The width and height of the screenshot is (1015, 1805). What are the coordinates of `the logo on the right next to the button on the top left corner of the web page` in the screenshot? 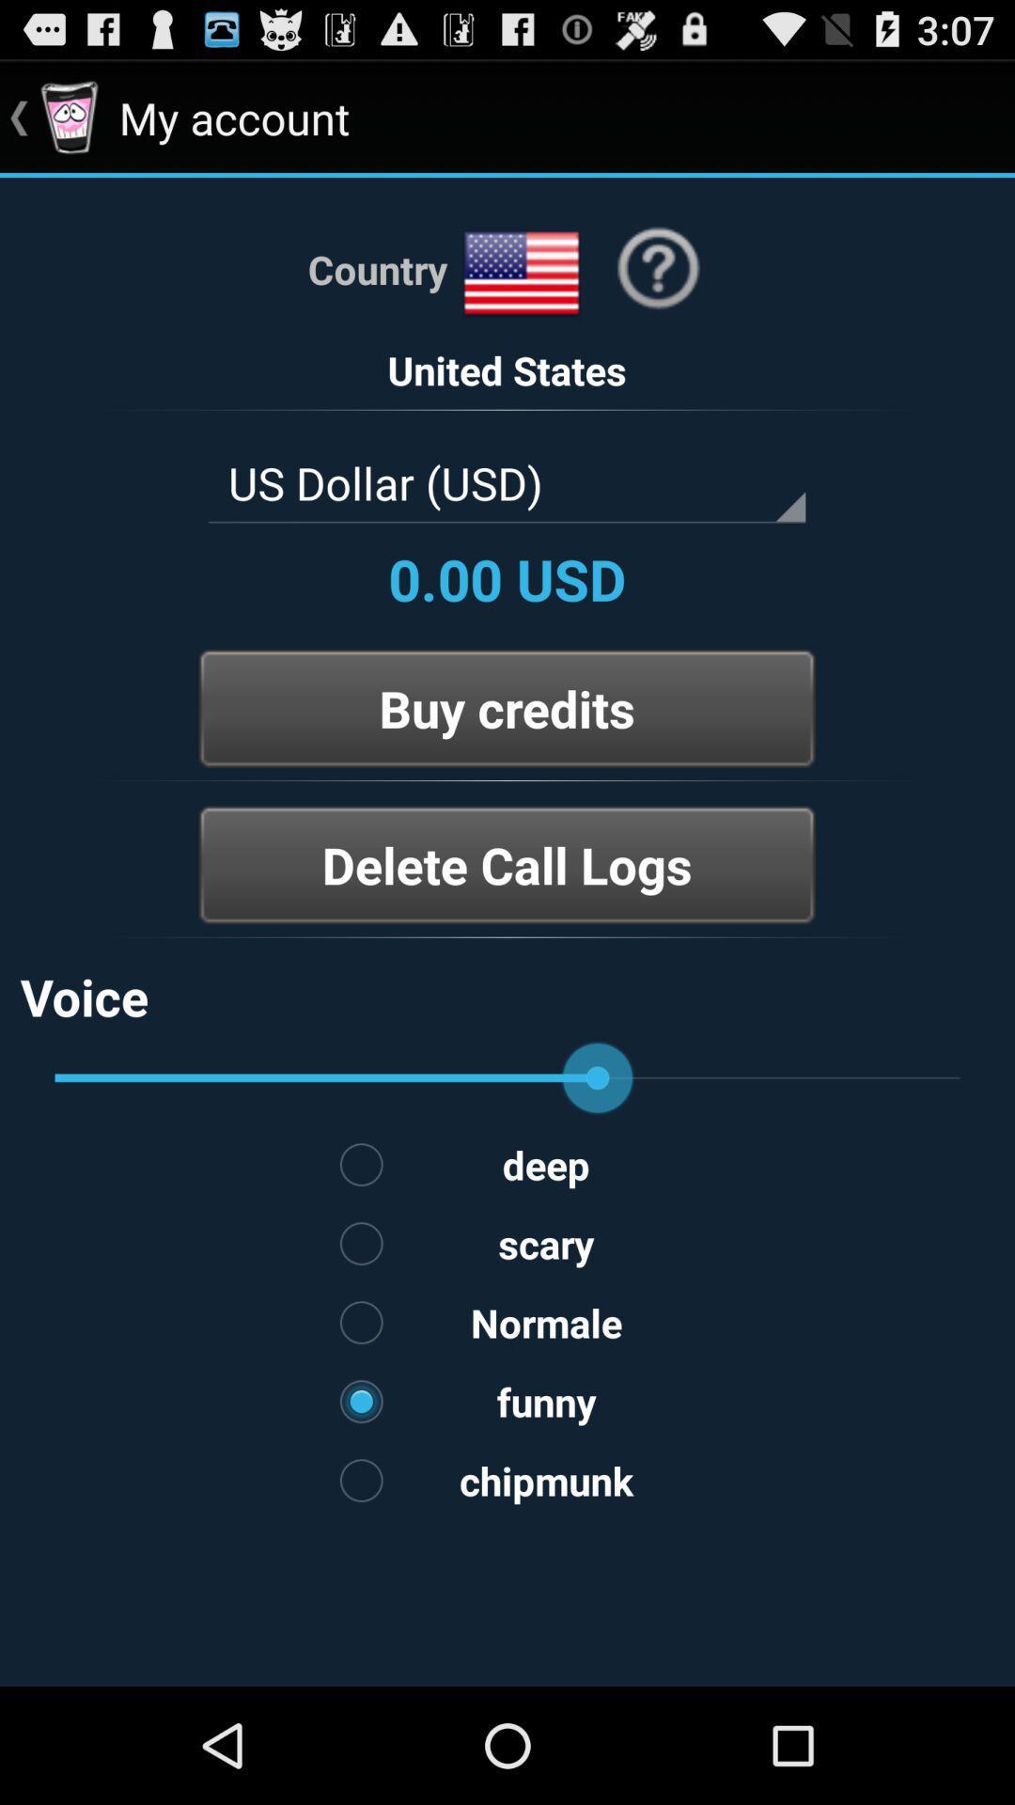 It's located at (68, 117).